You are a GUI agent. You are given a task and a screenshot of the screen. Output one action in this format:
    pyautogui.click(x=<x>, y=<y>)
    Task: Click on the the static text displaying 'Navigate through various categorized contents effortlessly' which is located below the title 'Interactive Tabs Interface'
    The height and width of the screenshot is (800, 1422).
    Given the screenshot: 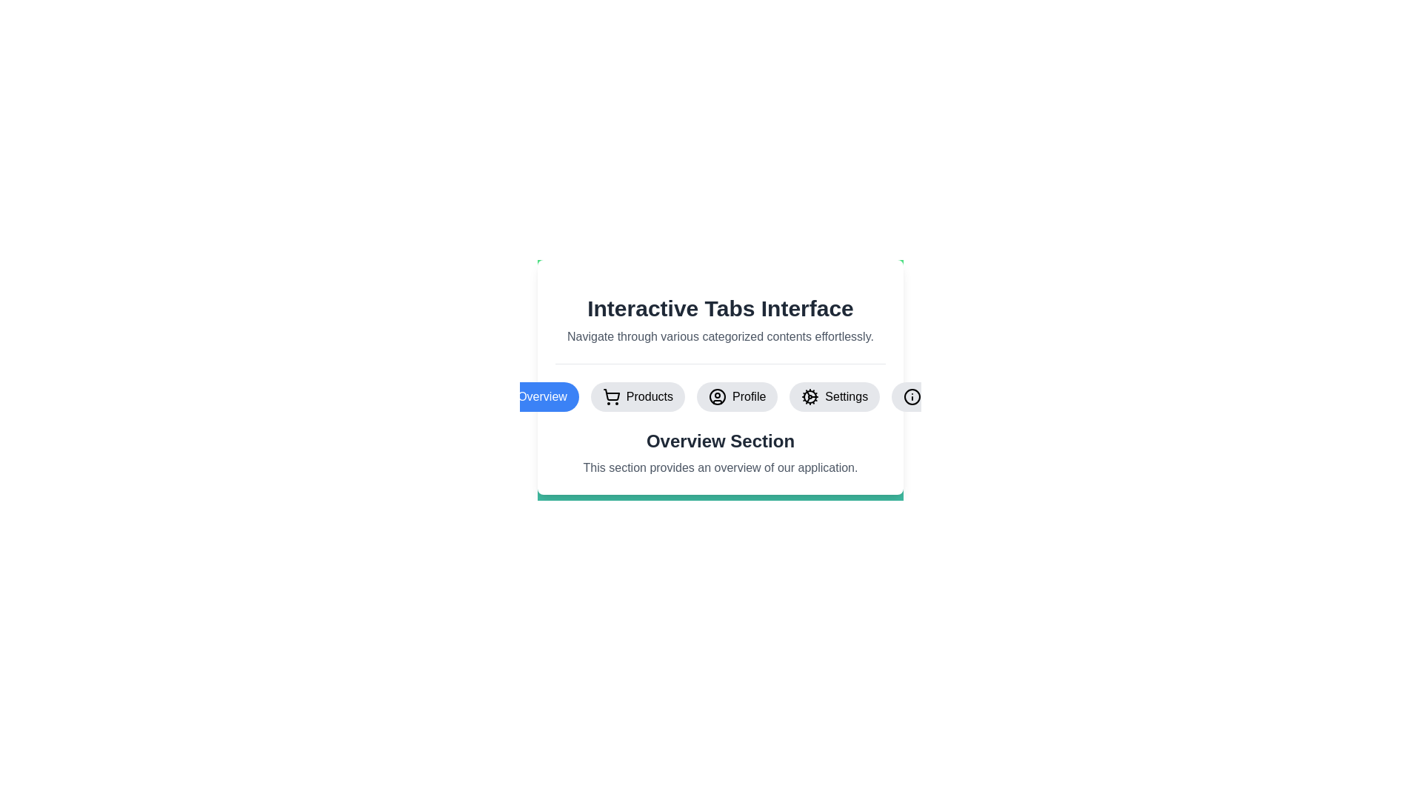 What is the action you would take?
    pyautogui.click(x=721, y=337)
    